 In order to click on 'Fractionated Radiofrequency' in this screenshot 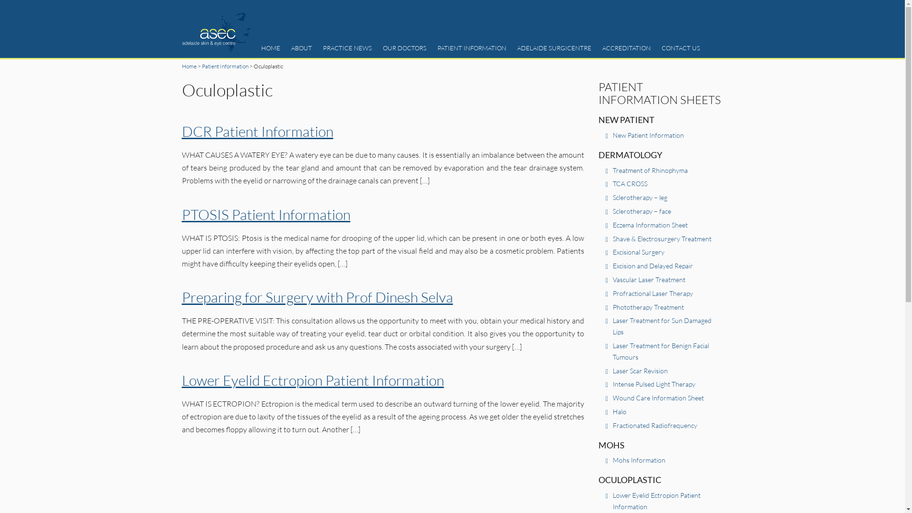, I will do `click(654, 425)`.